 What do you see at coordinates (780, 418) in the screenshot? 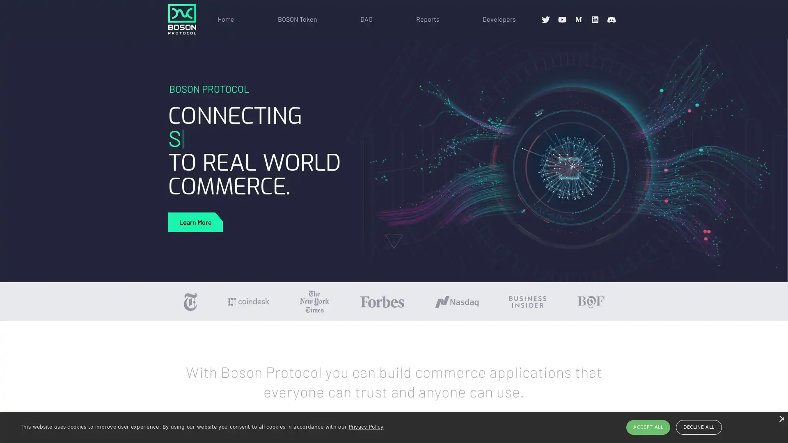
I see `Close` at bounding box center [780, 418].